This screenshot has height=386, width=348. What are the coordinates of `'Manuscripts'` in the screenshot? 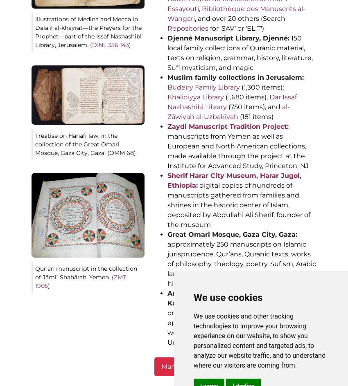 It's located at (181, 366).